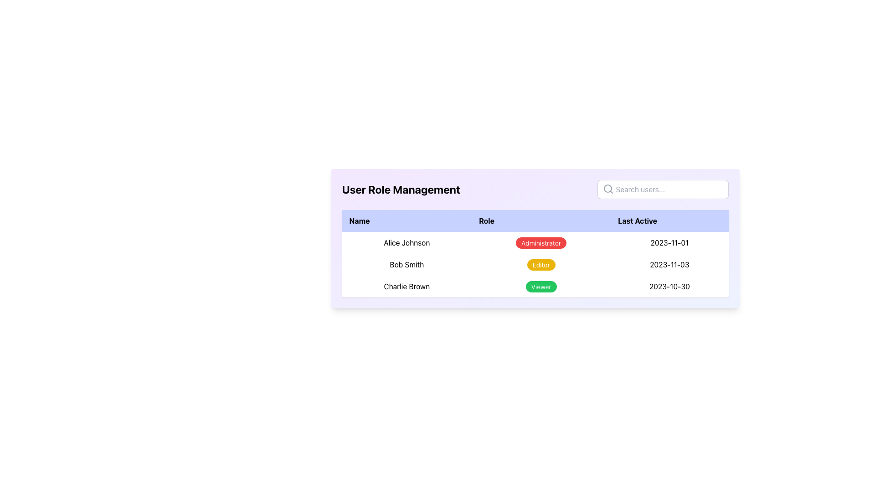 The image size is (875, 492). Describe the element at coordinates (608, 189) in the screenshot. I see `the gray magnifying glass icon located on the left side of the search bar in the 'User Role Management' interface` at that location.